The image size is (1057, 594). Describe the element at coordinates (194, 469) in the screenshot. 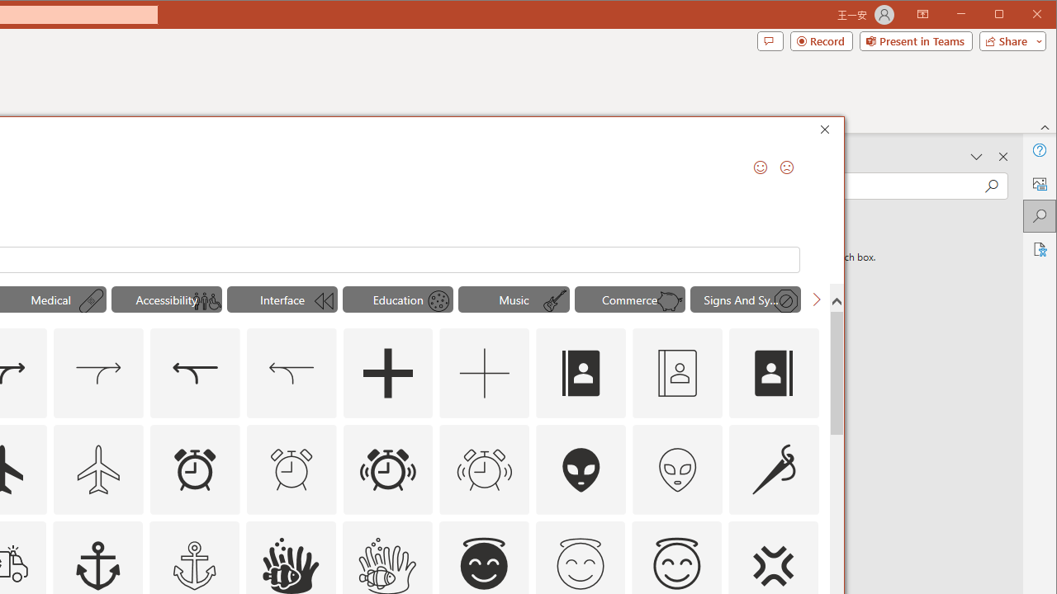

I see `'AutomationID: Icons_AlarmClock'` at that location.